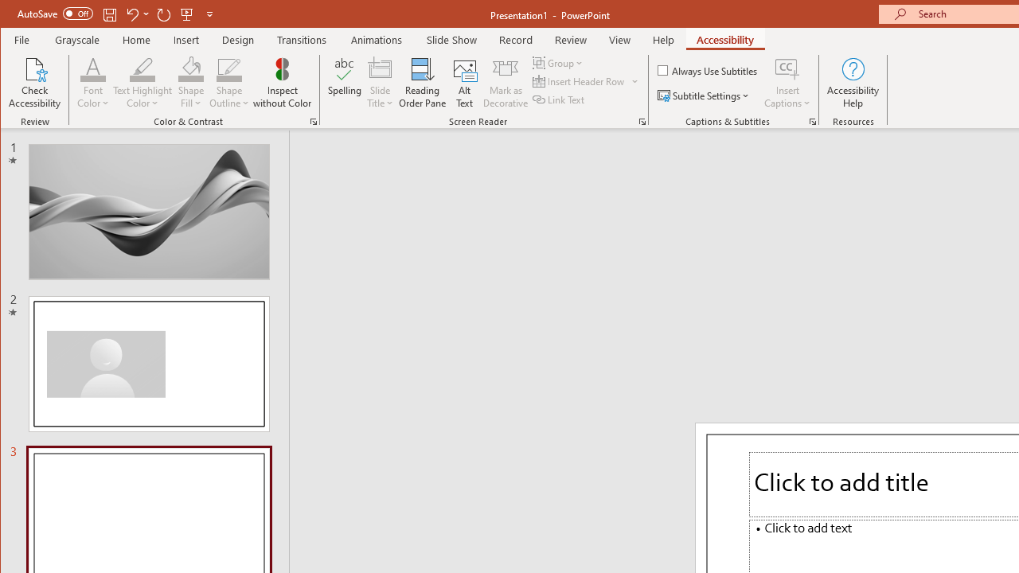 The width and height of the screenshot is (1019, 573). Describe the element at coordinates (704, 95) in the screenshot. I see `'Subtitle Settings'` at that location.